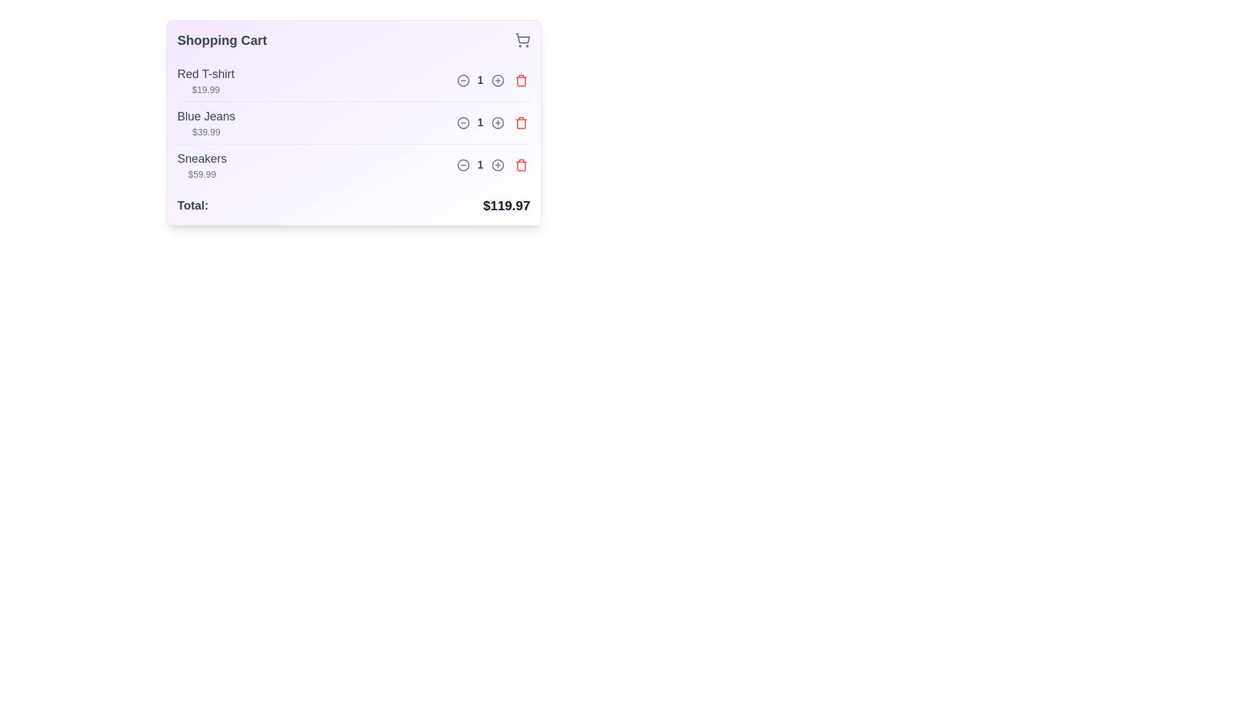  What do you see at coordinates (463, 123) in the screenshot?
I see `the decrement icon for the 'Blue Jeans' item in the shopping cart interface, which indicates a removal operation for the associated item` at bounding box center [463, 123].